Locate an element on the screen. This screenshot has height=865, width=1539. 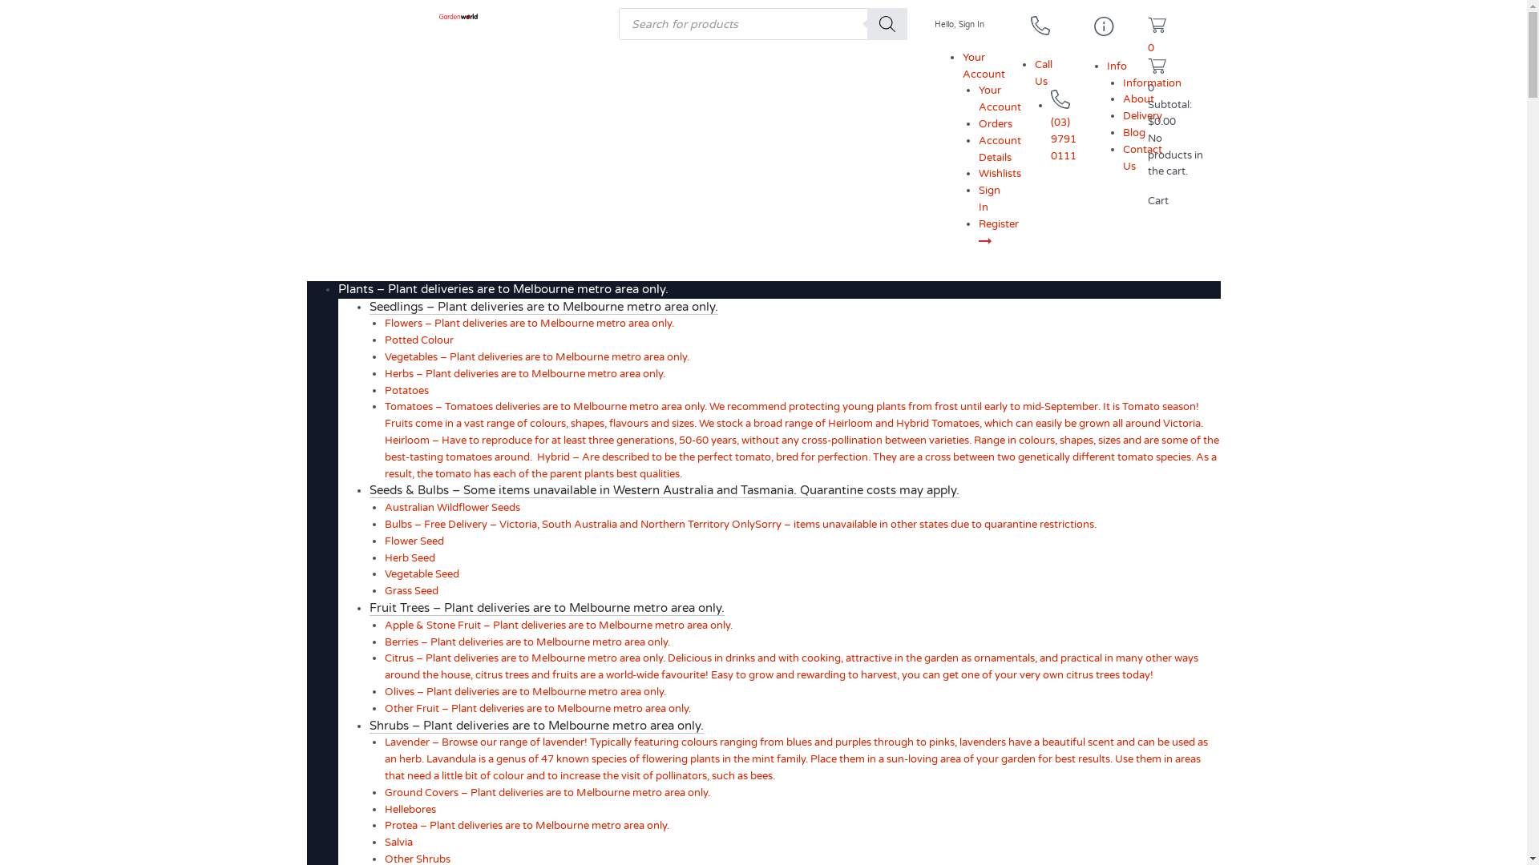
'Call Us' is located at coordinates (1043, 73).